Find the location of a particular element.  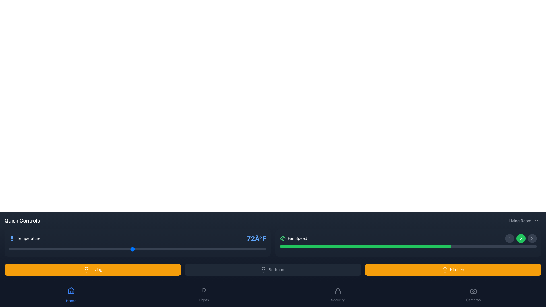

the central icon component of the lock symbol located at the center-bottom of the interface in the navigation bar is located at coordinates (338, 292).